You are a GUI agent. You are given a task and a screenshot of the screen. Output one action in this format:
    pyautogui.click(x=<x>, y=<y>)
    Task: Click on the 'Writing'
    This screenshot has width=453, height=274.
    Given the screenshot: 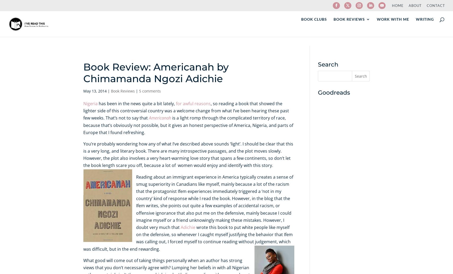 What is the action you would take?
    pyautogui.click(x=424, y=29)
    